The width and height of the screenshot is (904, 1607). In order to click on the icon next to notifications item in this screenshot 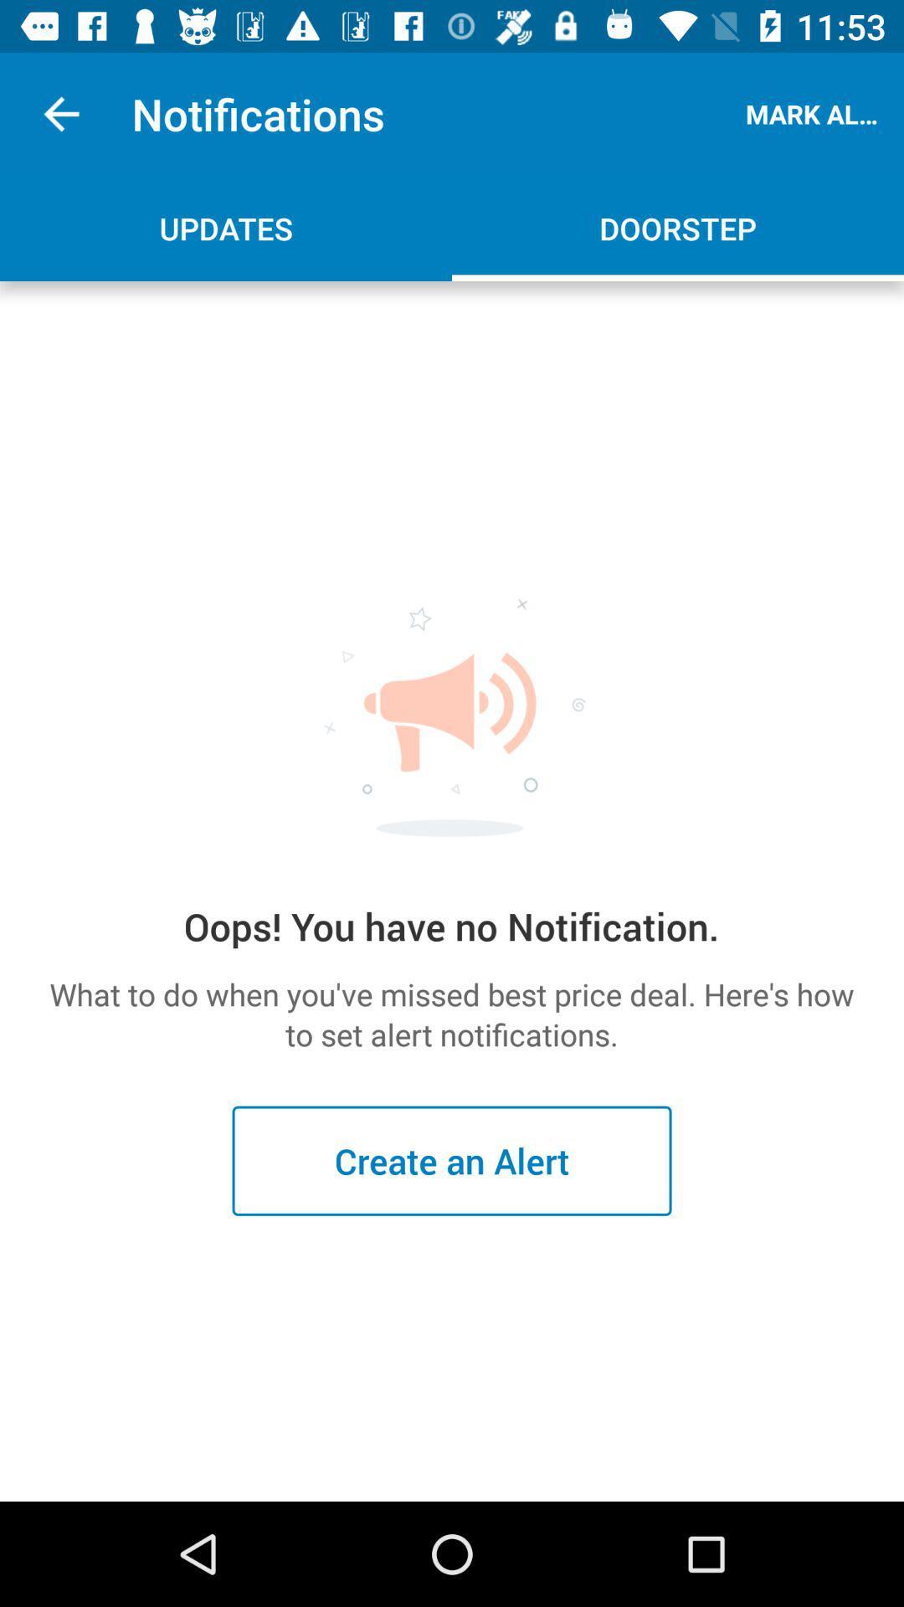, I will do `click(815, 113)`.